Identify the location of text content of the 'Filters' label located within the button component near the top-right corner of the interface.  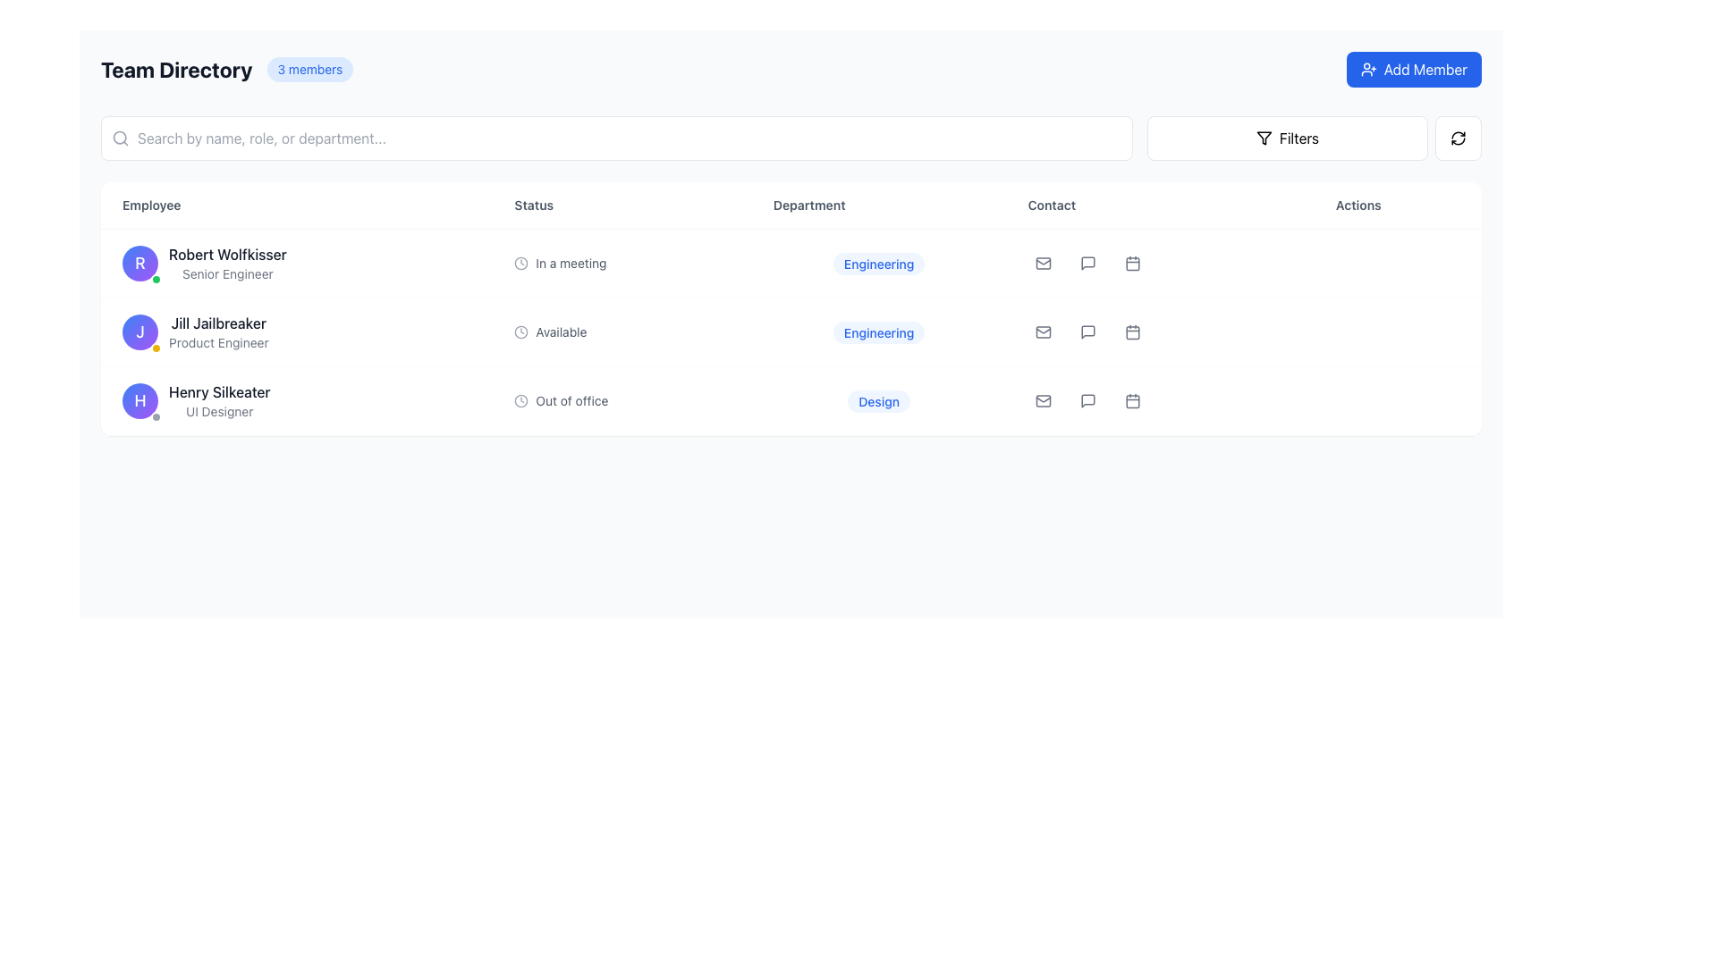
(1299, 137).